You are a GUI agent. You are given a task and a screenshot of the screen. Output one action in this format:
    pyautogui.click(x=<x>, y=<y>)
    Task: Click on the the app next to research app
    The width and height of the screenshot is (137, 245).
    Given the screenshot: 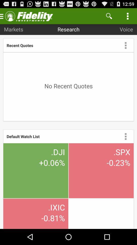 What is the action you would take?
    pyautogui.click(x=109, y=16)
    